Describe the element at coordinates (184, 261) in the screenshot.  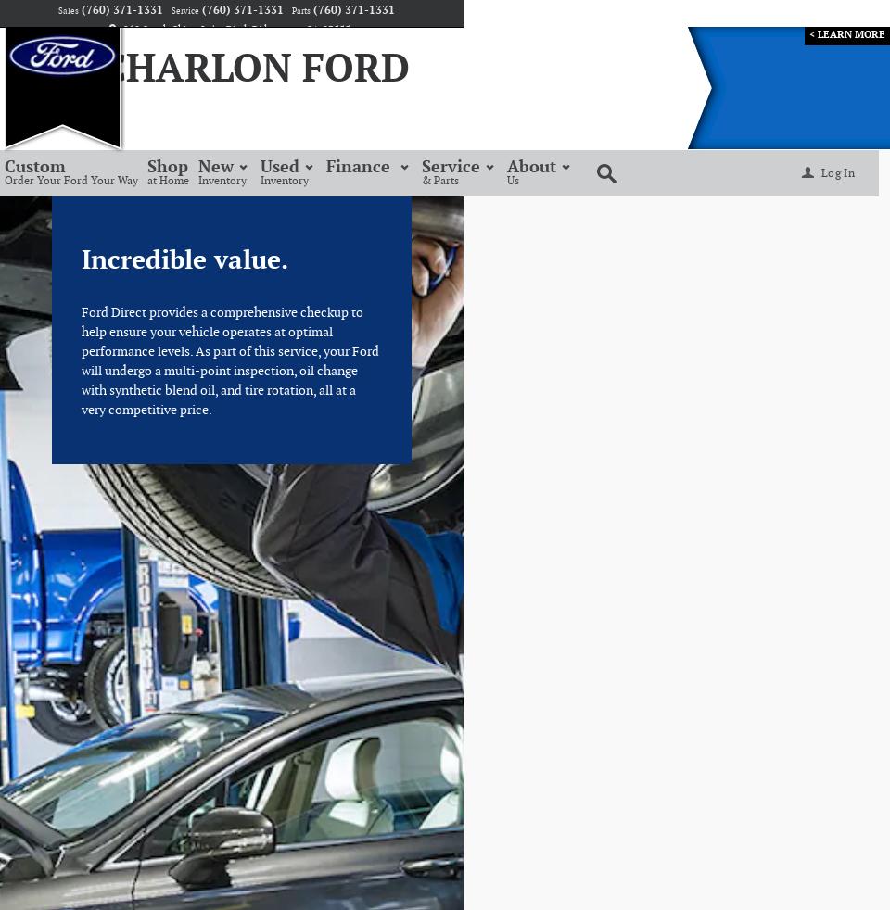
I see `'Incredible value.'` at that location.